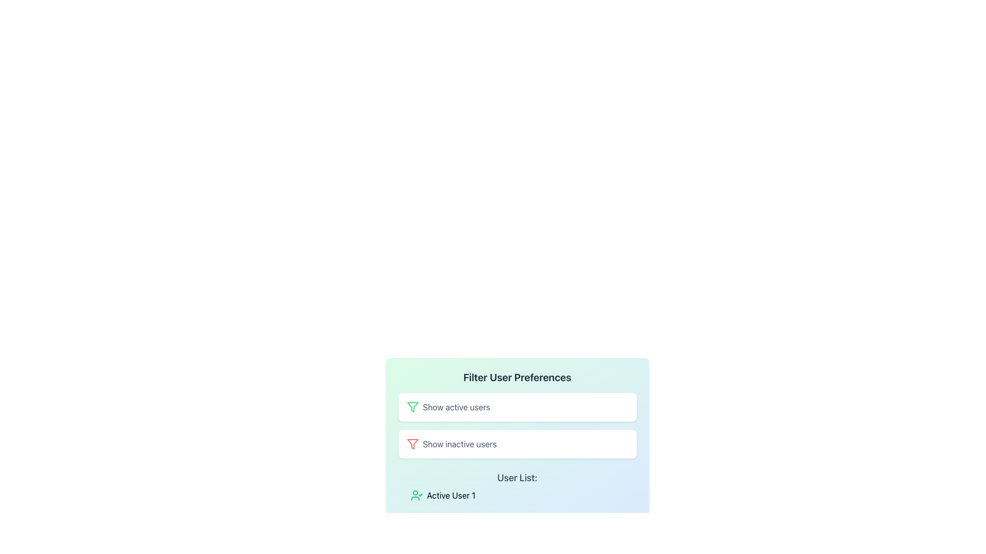 This screenshot has height=554, width=986. What do you see at coordinates (412, 444) in the screenshot?
I see `the red triangle-like funnel icon located at the upper left corner of the 'Show active users' button, aligned with the 'Filter User Preferences' section for visual cues` at bounding box center [412, 444].